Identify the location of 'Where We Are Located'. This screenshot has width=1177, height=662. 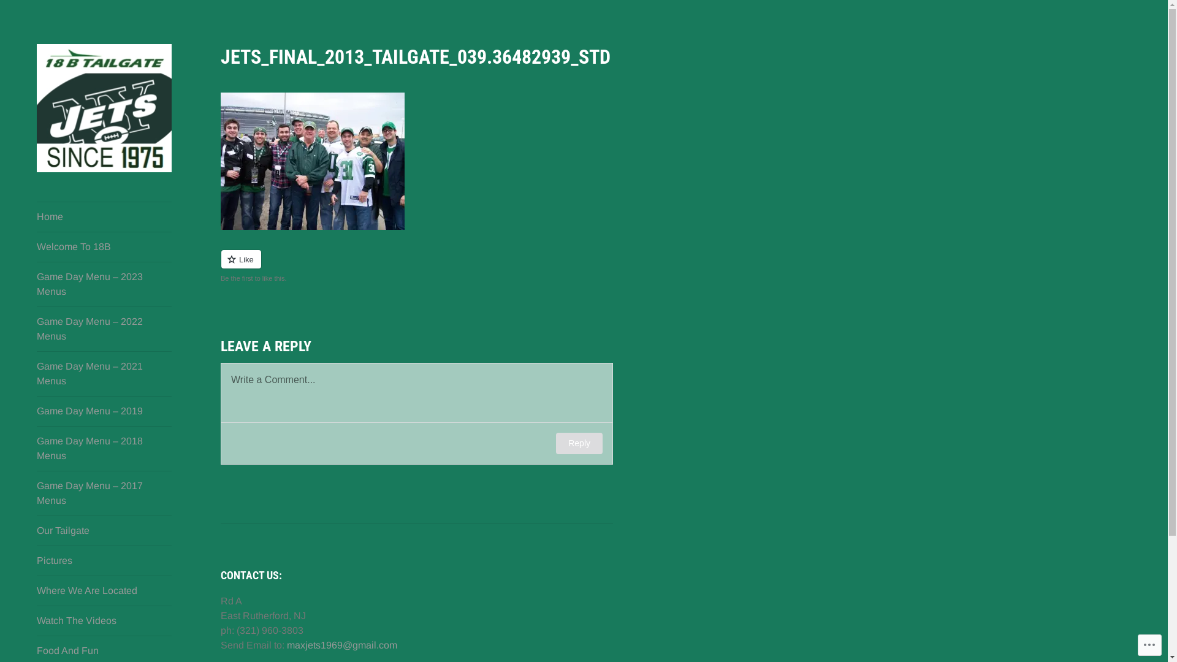
(36, 590).